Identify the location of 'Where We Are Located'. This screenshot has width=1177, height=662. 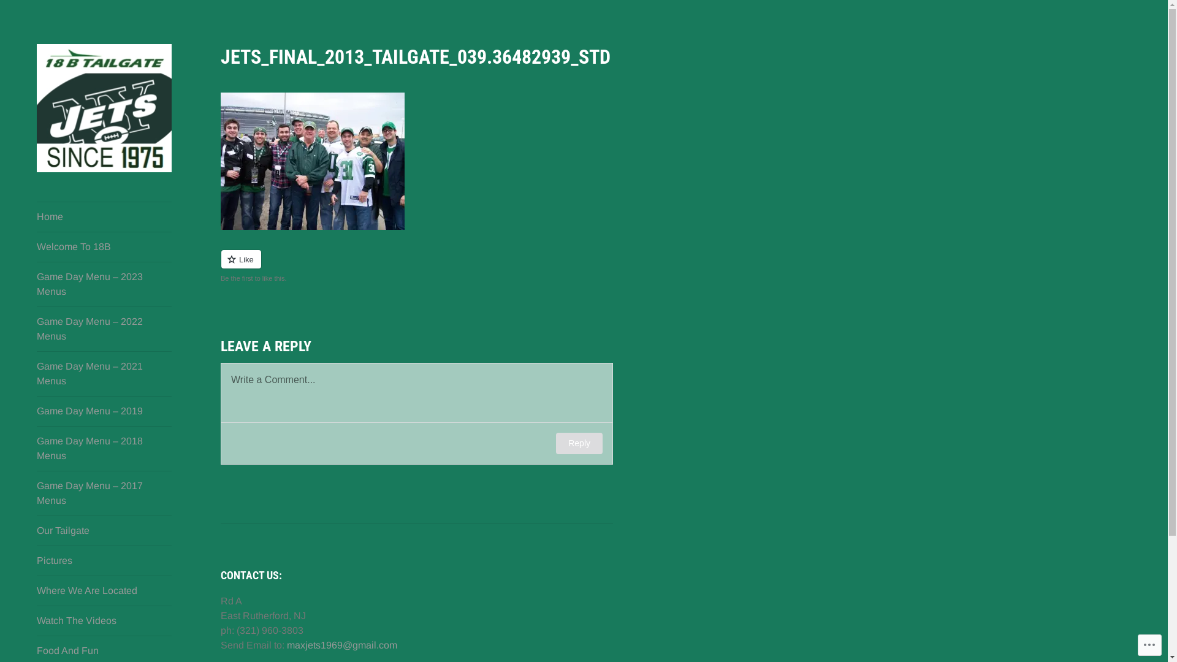
(36, 590).